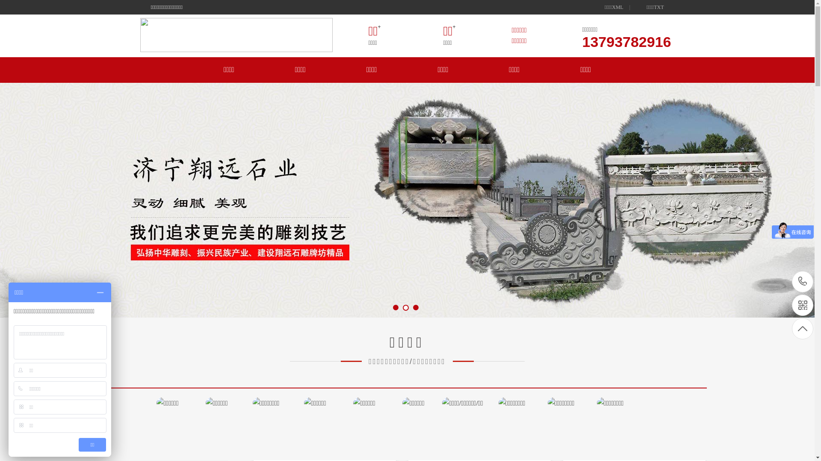  I want to click on 'tel', so click(802, 281).